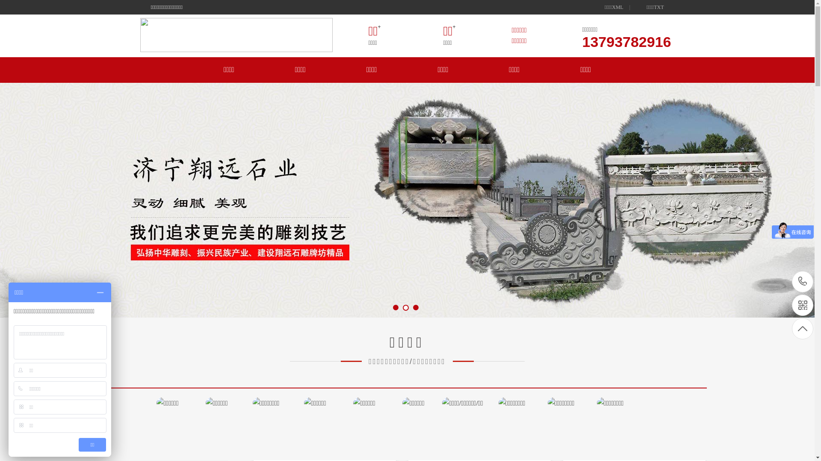  I want to click on 'tel', so click(802, 281).